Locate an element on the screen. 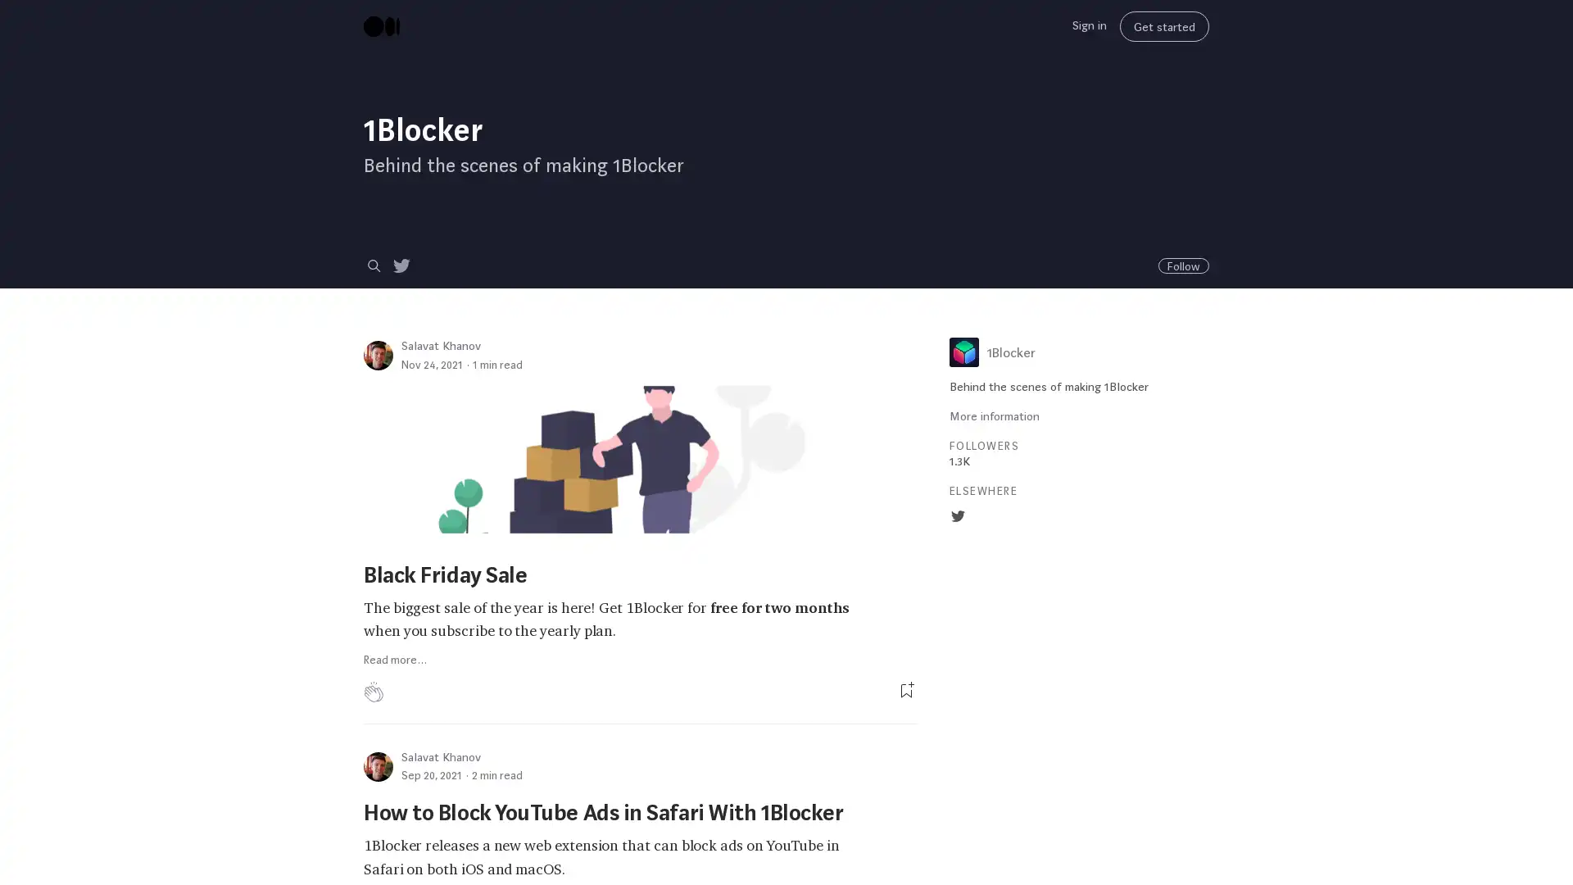  Clap is located at coordinates (373, 692).